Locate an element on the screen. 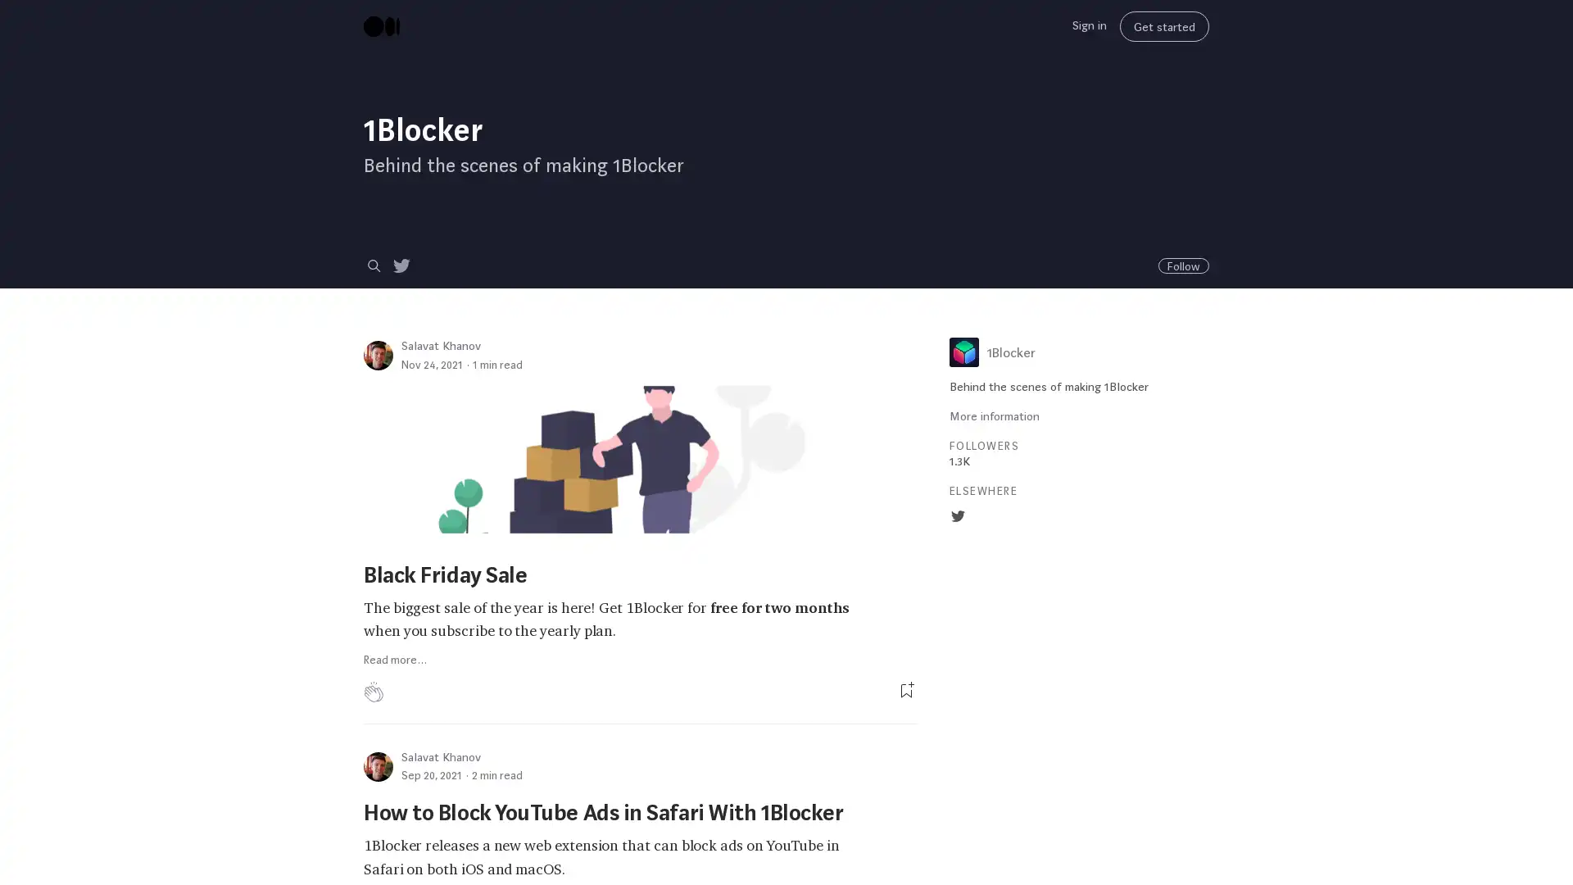  Clap is located at coordinates (373, 692).